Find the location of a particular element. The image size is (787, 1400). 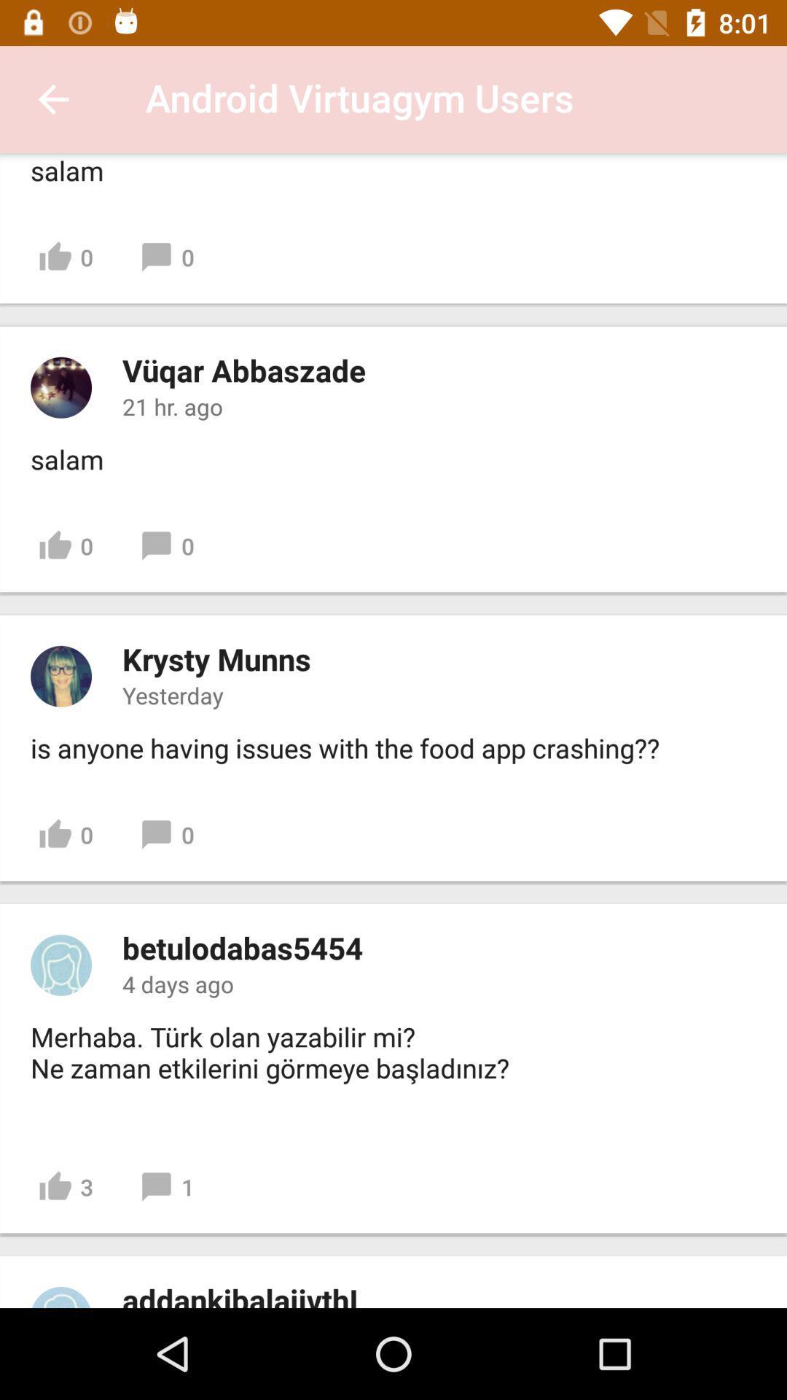

avatar is located at coordinates (60, 675).